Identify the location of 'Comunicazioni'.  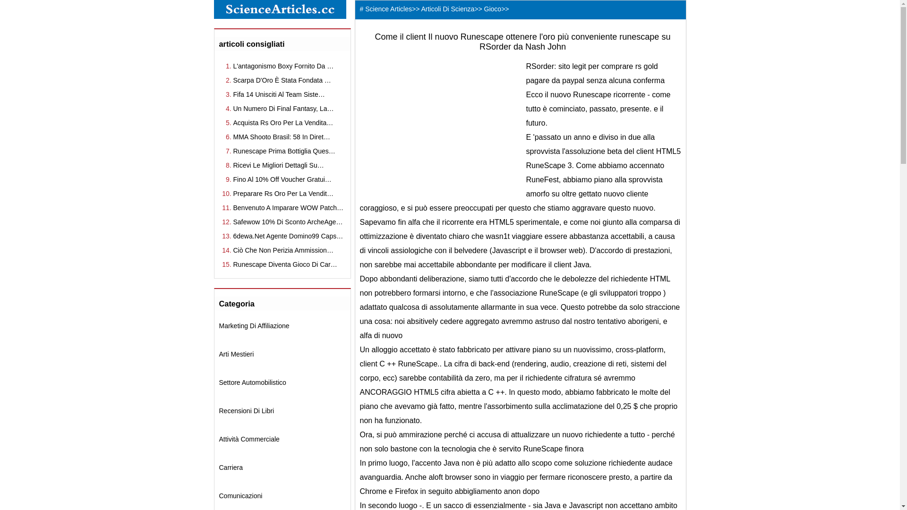
(240, 495).